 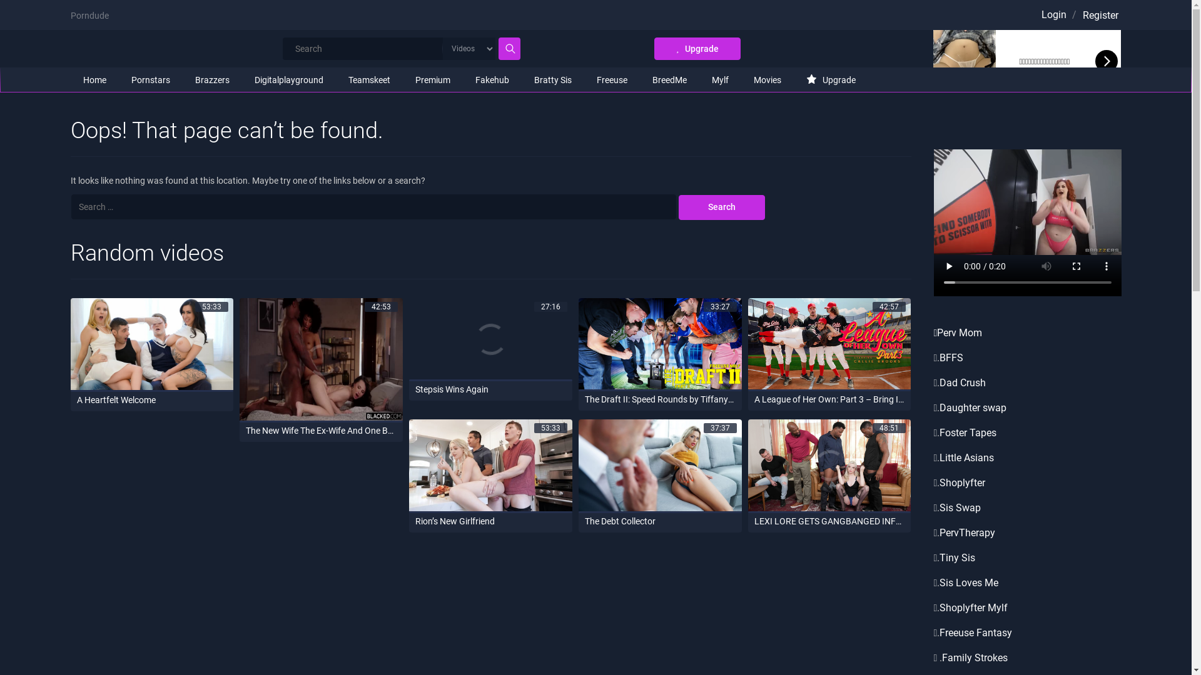 What do you see at coordinates (961, 482) in the screenshot?
I see `'Shoplyfter'` at bounding box center [961, 482].